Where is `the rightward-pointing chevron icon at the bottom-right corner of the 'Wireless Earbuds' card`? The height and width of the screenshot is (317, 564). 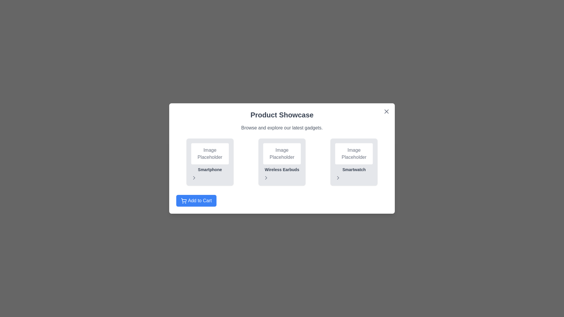 the rightward-pointing chevron icon at the bottom-right corner of the 'Wireless Earbuds' card is located at coordinates (266, 177).